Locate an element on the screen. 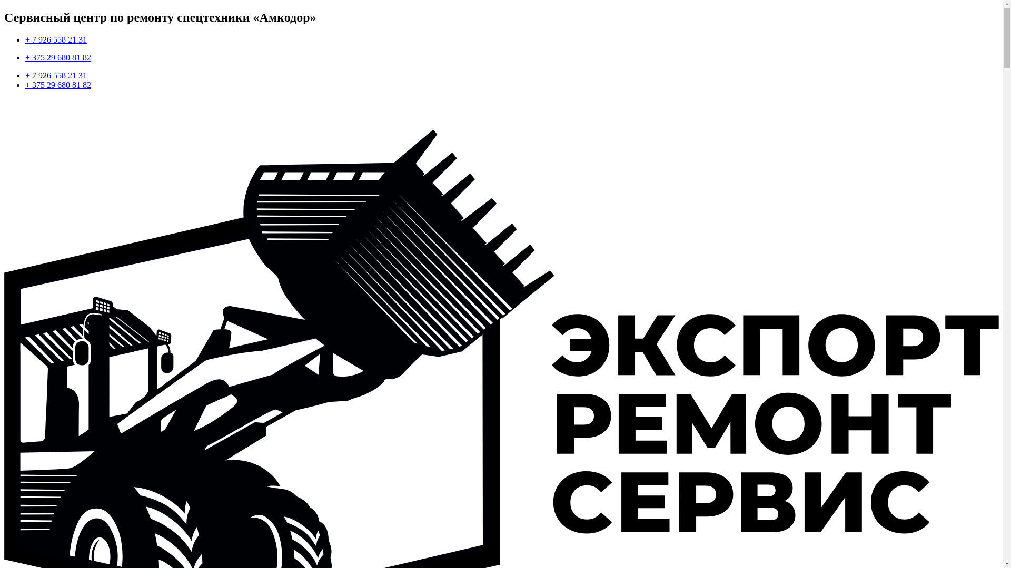 The image size is (1011, 568). '+ 375 29 680 81 82' is located at coordinates (25, 84).